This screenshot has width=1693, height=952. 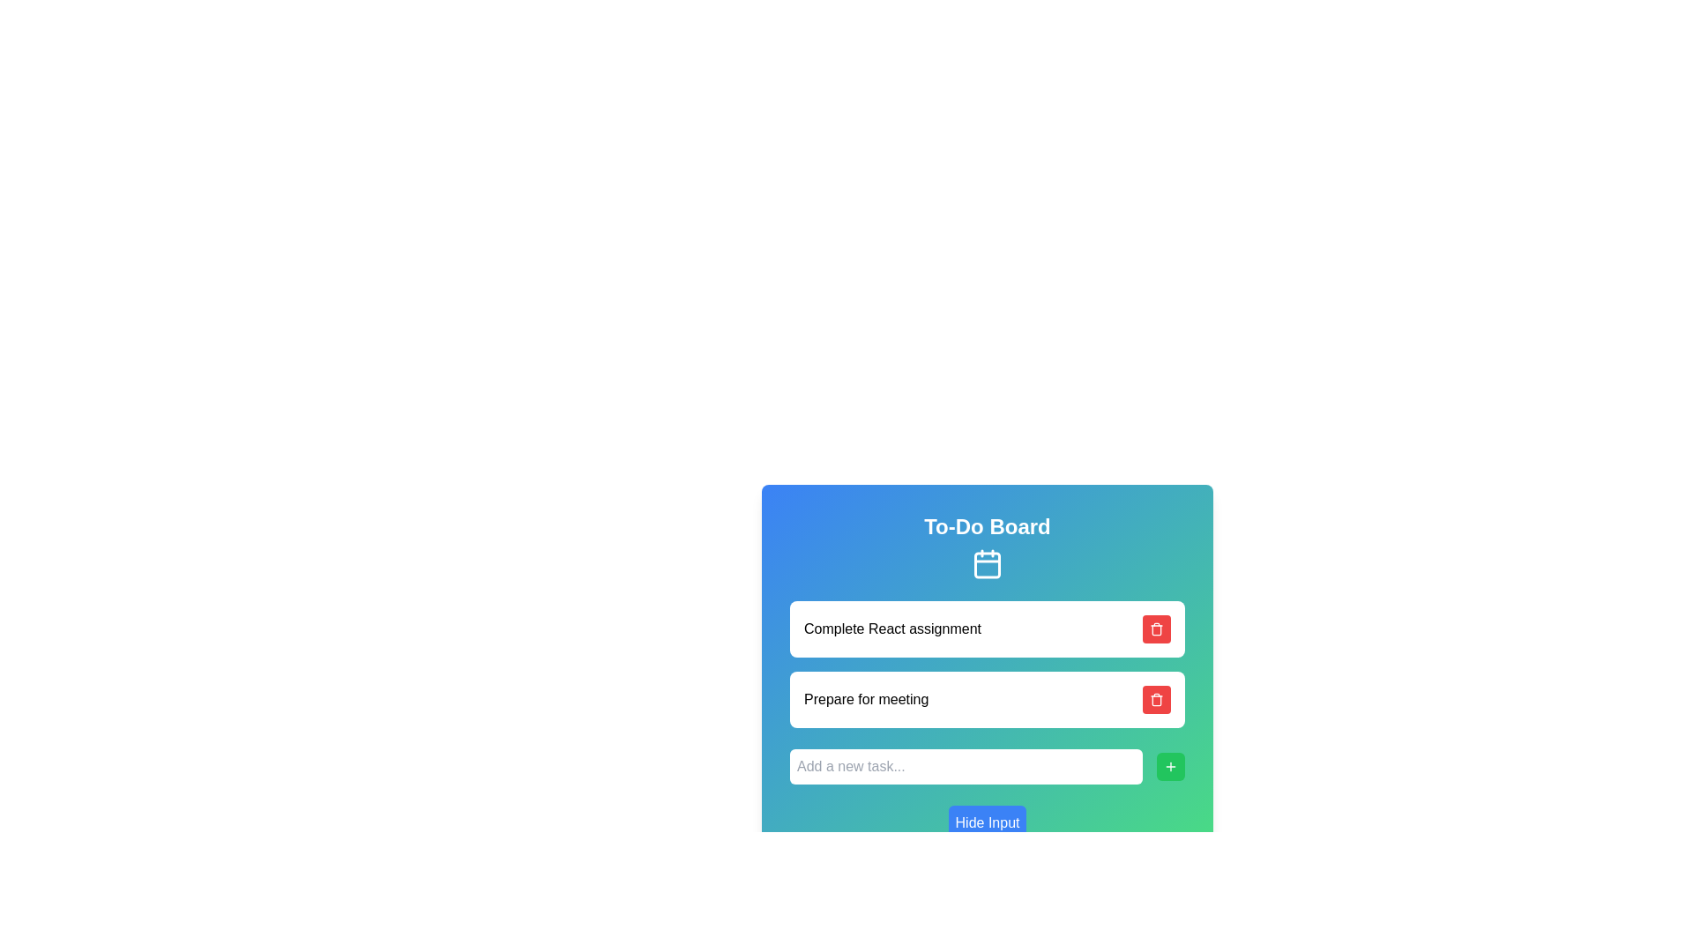 I want to click on the green button with a white 'plus' icon, so click(x=1171, y=766).